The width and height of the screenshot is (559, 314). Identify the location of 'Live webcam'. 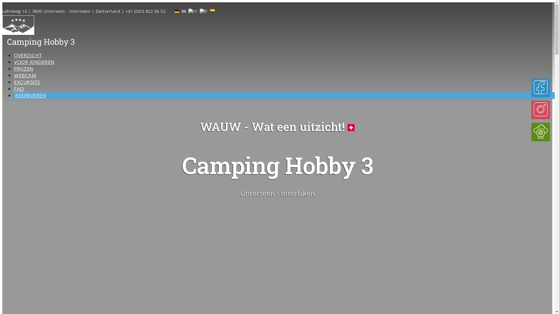
(166, 11).